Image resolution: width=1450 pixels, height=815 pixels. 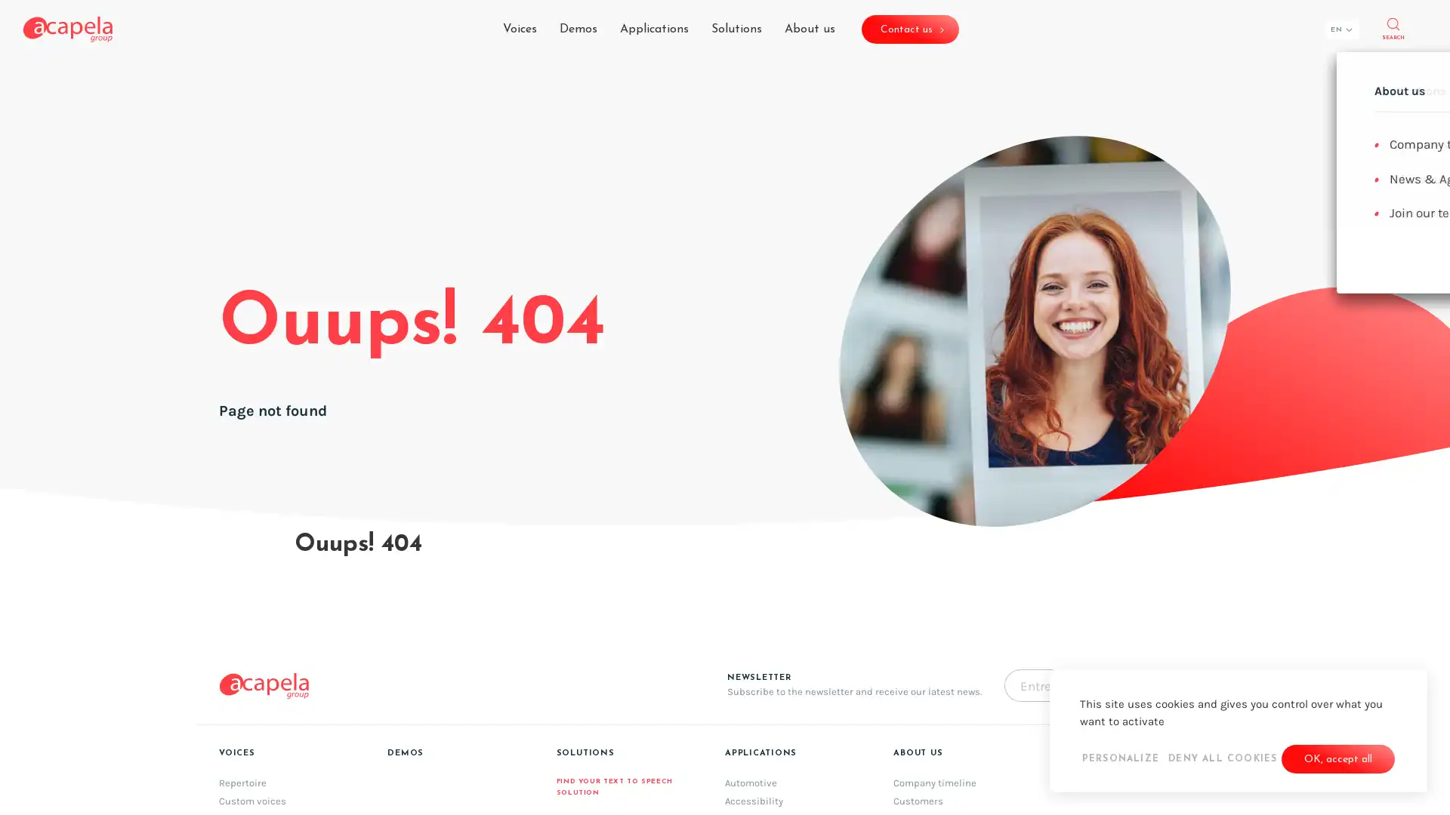 What do you see at coordinates (909, 573) in the screenshot?
I see `Send report` at bounding box center [909, 573].